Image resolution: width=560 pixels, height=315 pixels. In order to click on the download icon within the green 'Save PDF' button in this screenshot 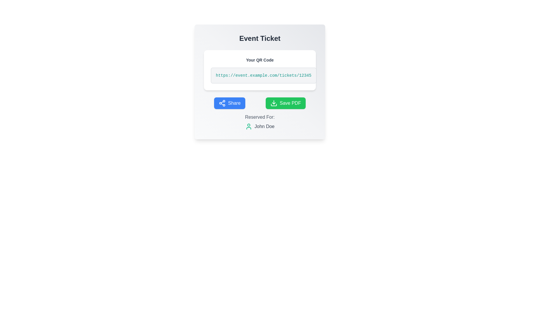, I will do `click(274, 103)`.